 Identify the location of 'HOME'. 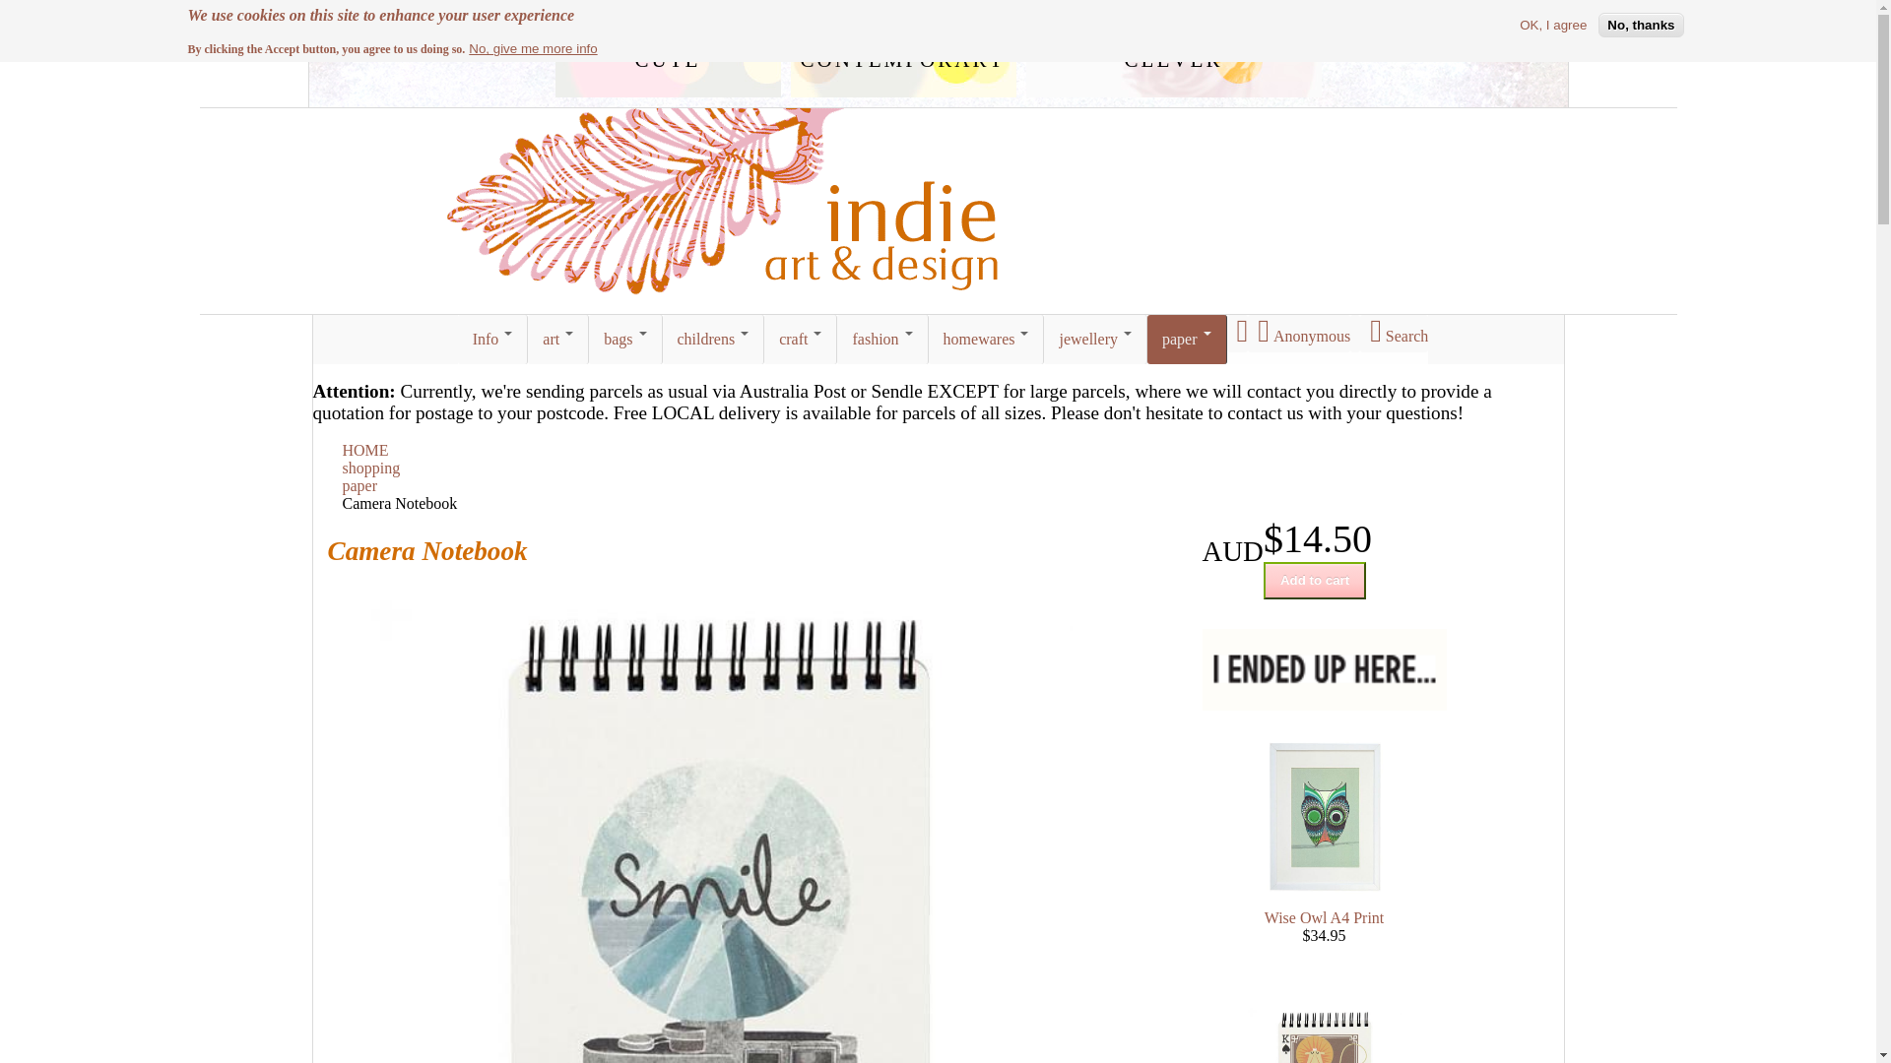
(342, 450).